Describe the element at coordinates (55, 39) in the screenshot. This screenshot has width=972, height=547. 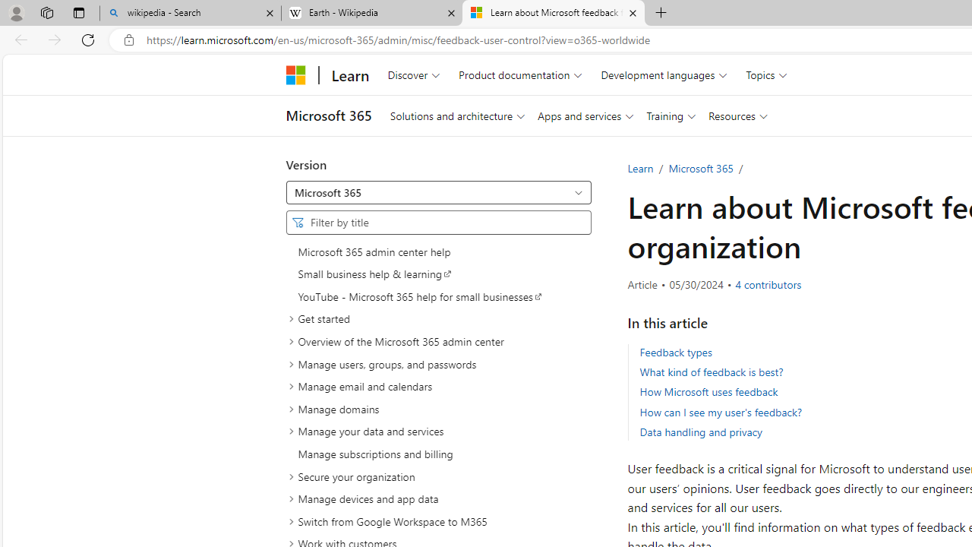
I see `'Forward'` at that location.